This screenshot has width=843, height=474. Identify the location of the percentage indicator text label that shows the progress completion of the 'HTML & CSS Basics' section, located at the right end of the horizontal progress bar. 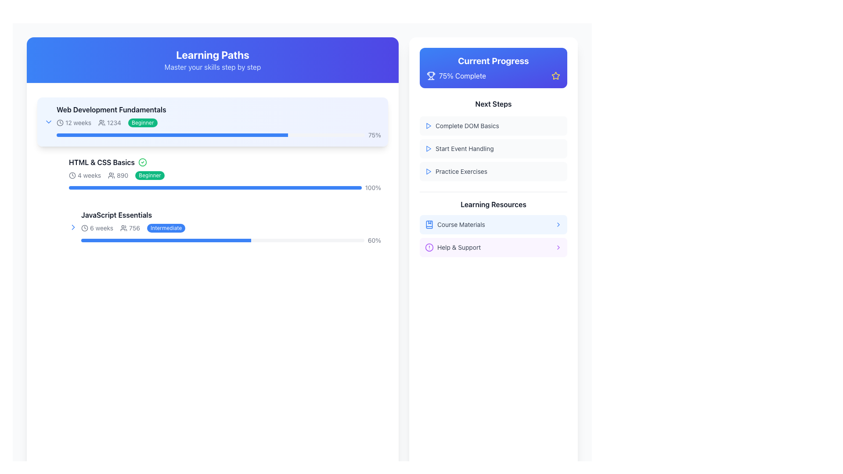
(373, 187).